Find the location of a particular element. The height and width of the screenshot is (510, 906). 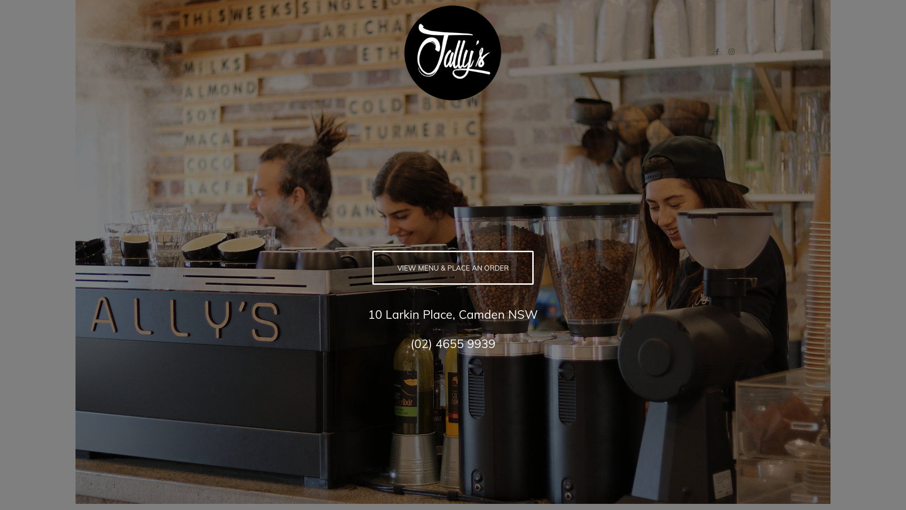

'VIEW MENU & PLACE AN ORDER' is located at coordinates (371, 268).